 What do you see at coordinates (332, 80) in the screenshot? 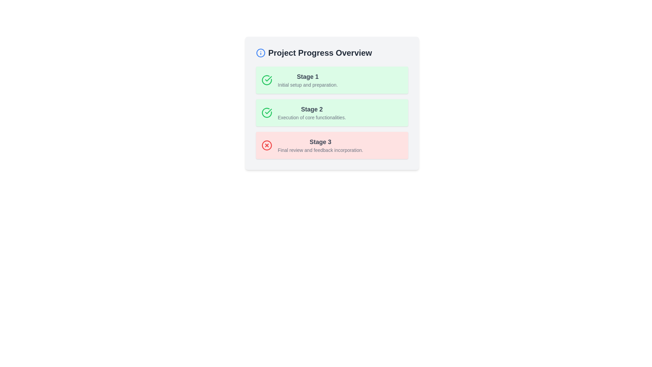
I see `the 'Stage 1' informational card, which is the first card in a vertical layout of progress stages` at bounding box center [332, 80].